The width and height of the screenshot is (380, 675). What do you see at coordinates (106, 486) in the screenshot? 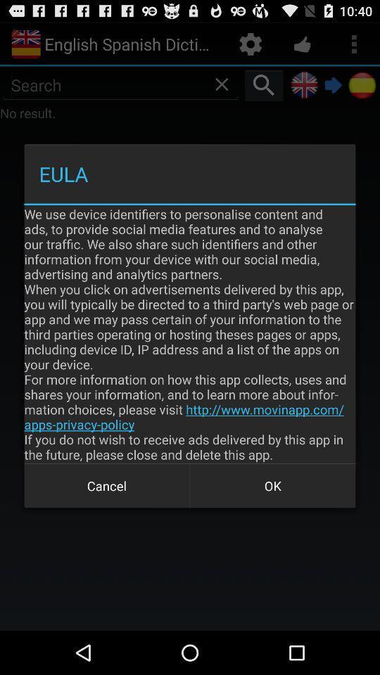
I see `the icon to the left of ok item` at bounding box center [106, 486].